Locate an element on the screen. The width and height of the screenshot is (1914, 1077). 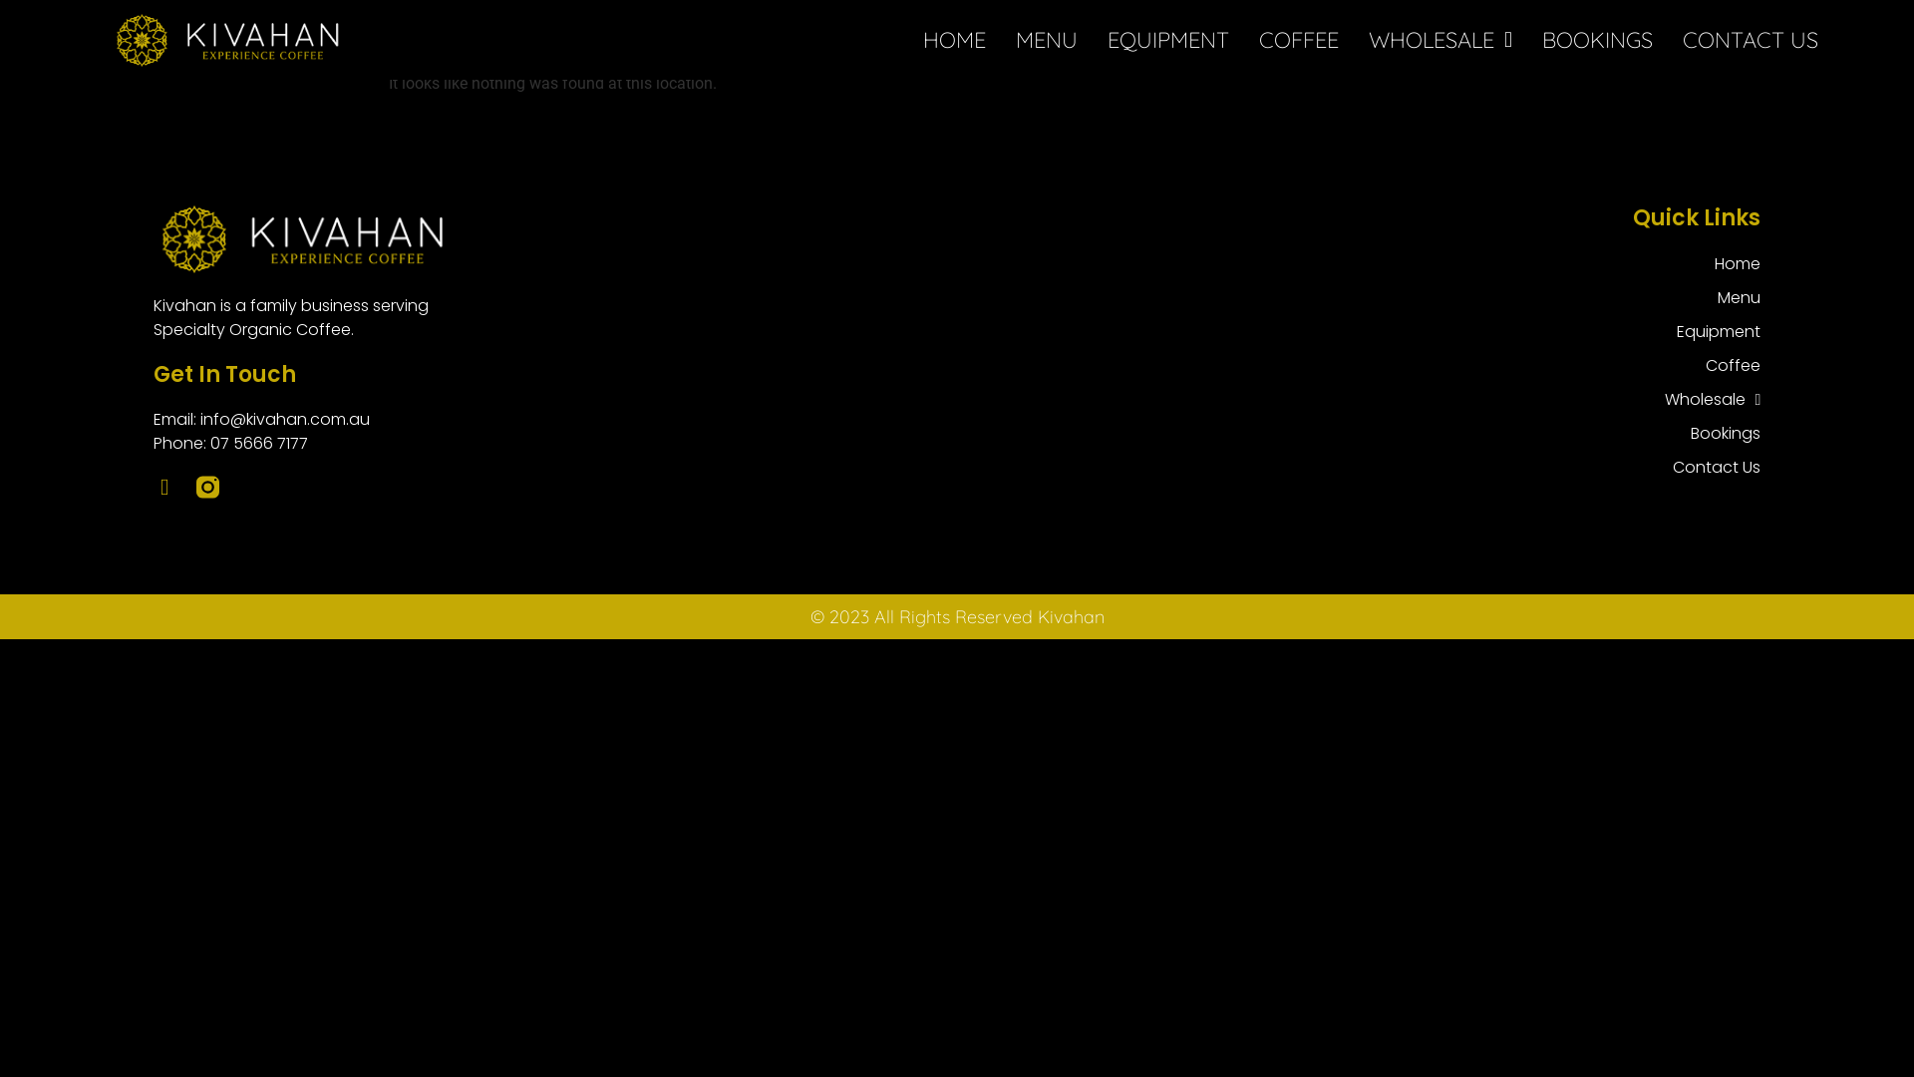
'CONTACT US' is located at coordinates (1750, 39).